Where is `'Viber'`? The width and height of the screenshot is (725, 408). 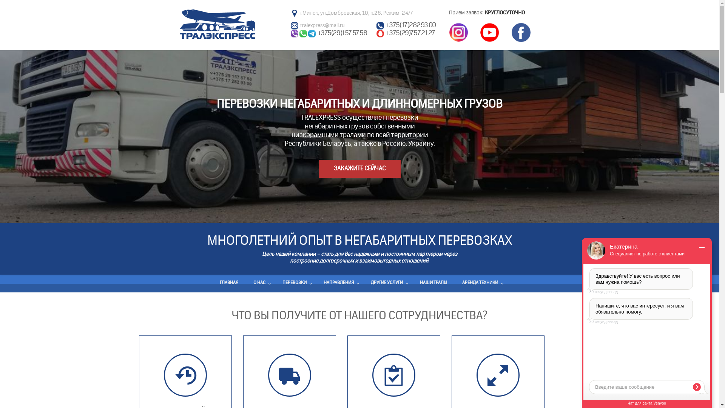
'Viber' is located at coordinates (294, 33).